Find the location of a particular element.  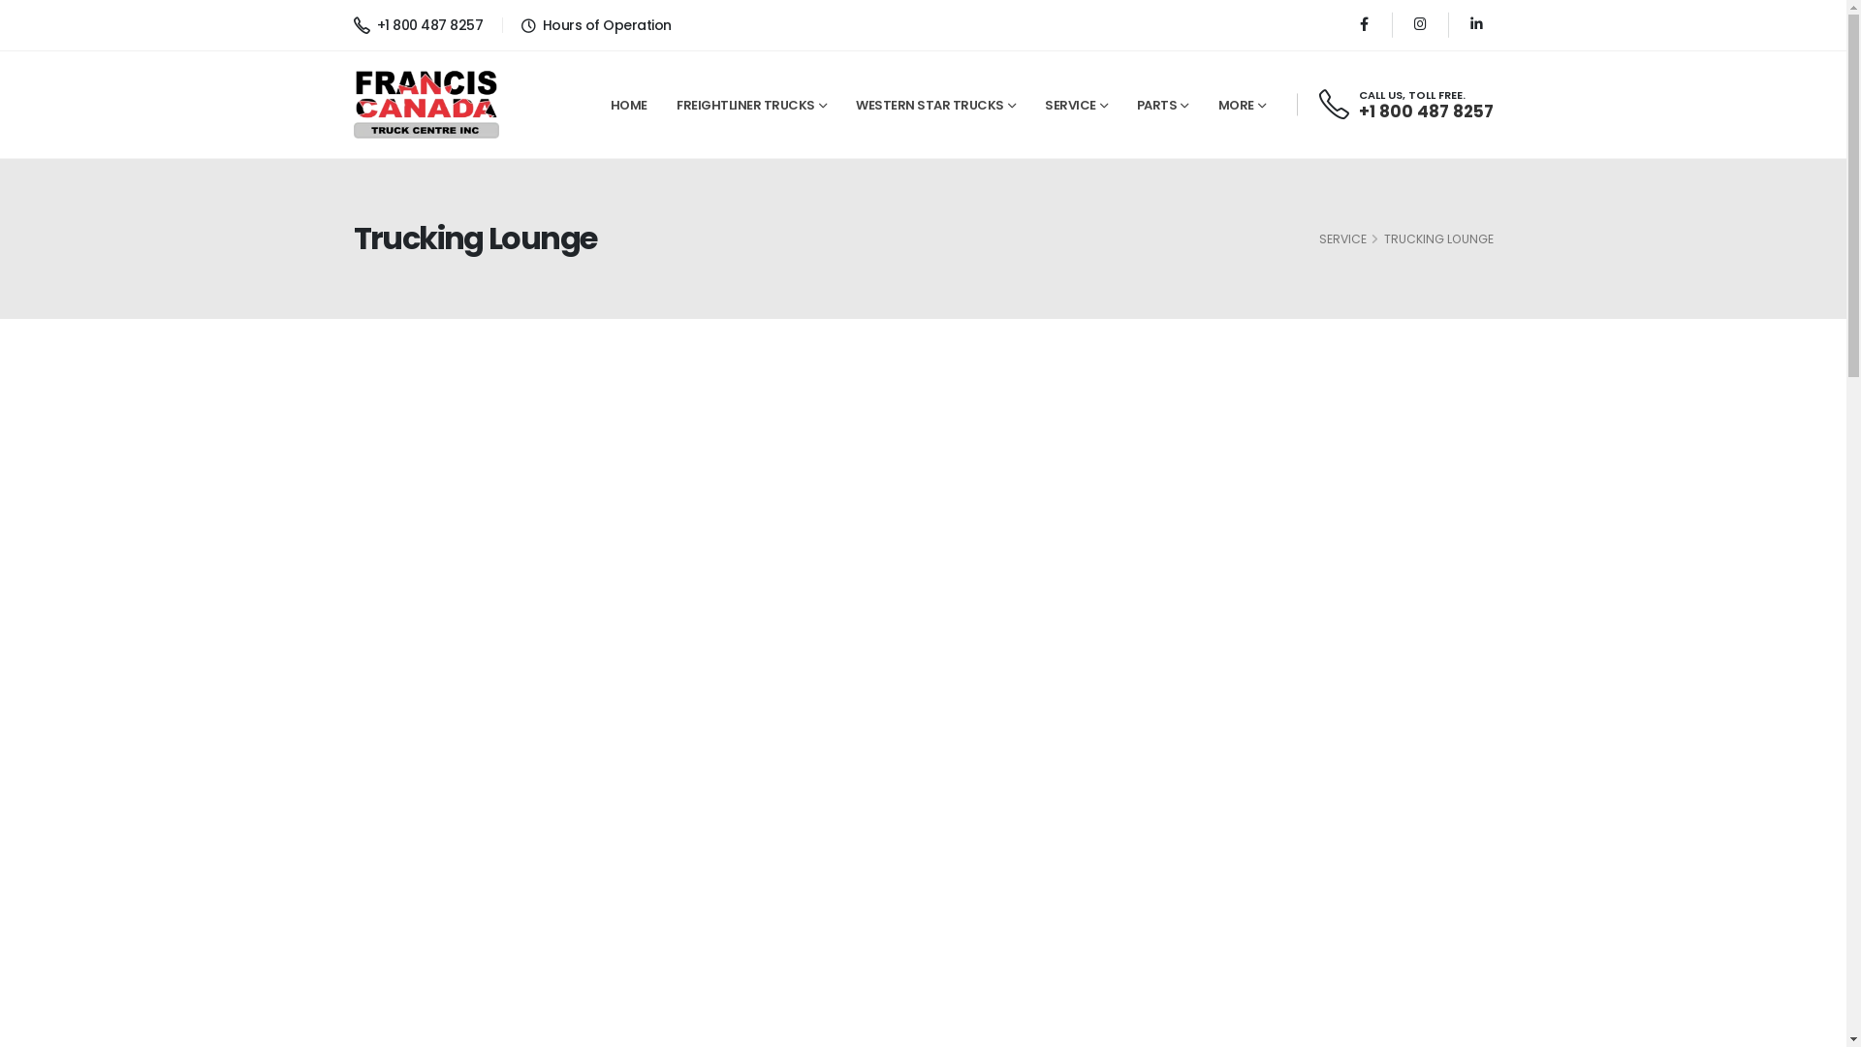

'Instagram' is located at coordinates (1404, 24).